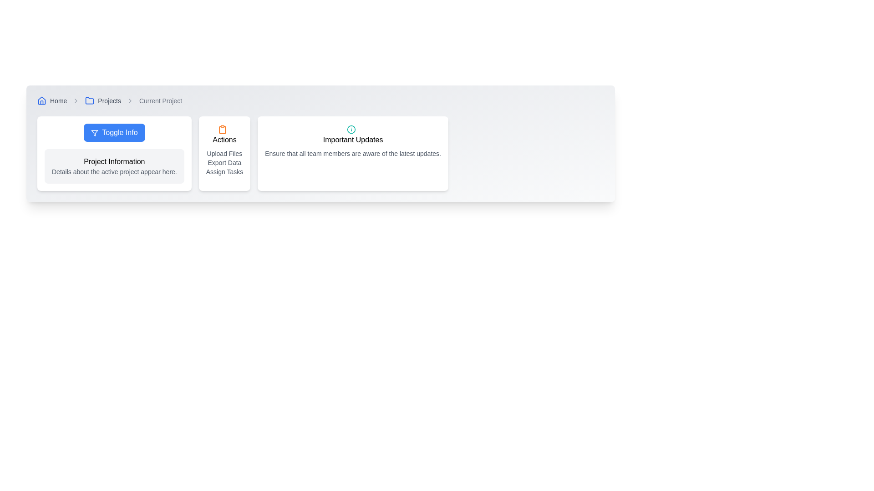 This screenshot has height=491, width=874. I want to click on the Breadcrumb link with an icon and text, which is the second breadcrumb in the navigation bar, located between 'Home' and 'Current Project', so click(103, 101).